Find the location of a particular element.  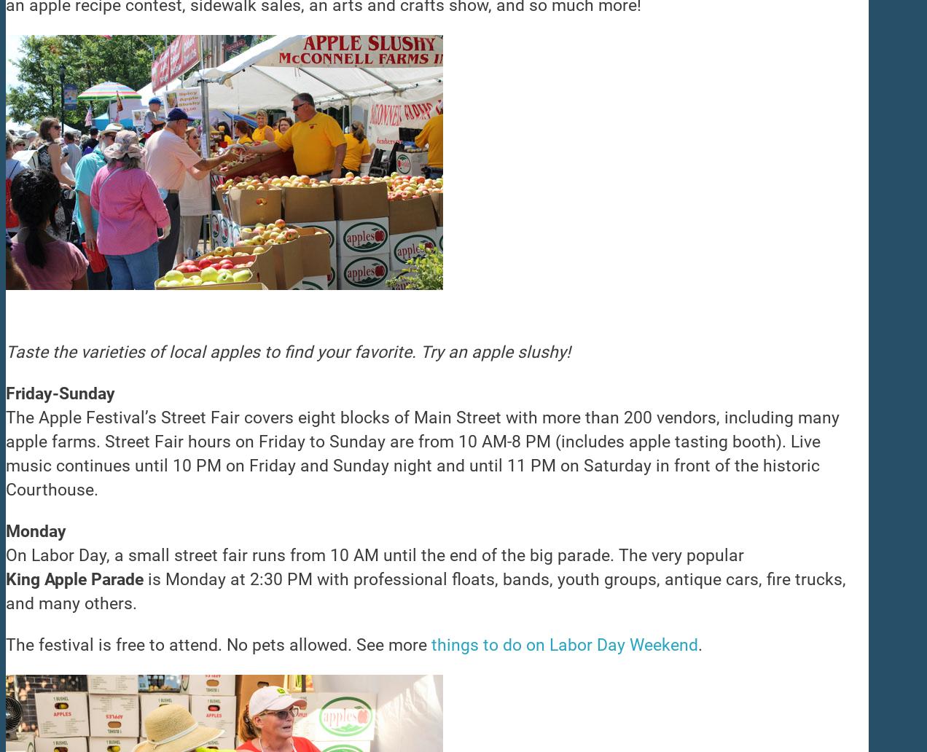

'The Apple Festival’s Street Fair covers eight blocks of Main Street with more than 200 vendors, including many apple farms. Street Fair hours on Friday to Sunday are from 10 AM-8 PM (includes apple tasting booth). Live music continues until 10 PM on Friday and Sunday night and until 11 PM on Saturday in front of the historic Courthouse.' is located at coordinates (422, 454).